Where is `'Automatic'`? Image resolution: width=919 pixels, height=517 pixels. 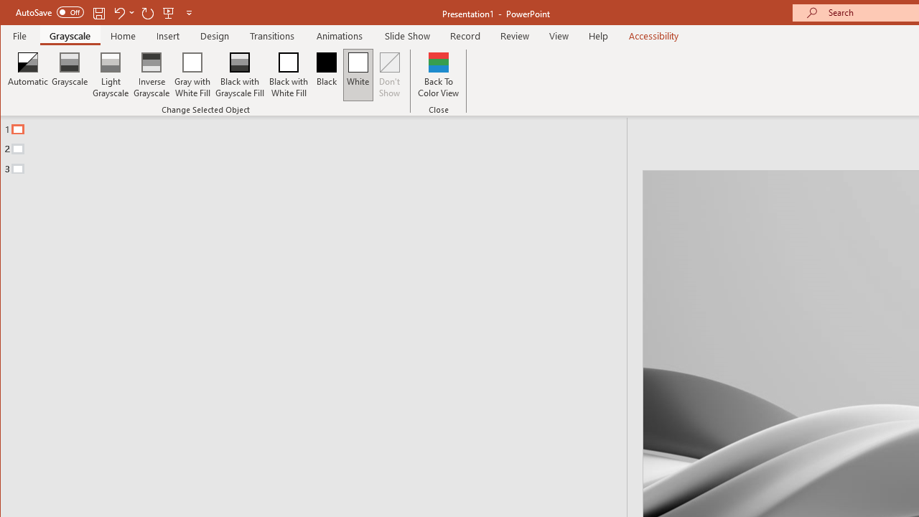 'Automatic' is located at coordinates (28, 75).